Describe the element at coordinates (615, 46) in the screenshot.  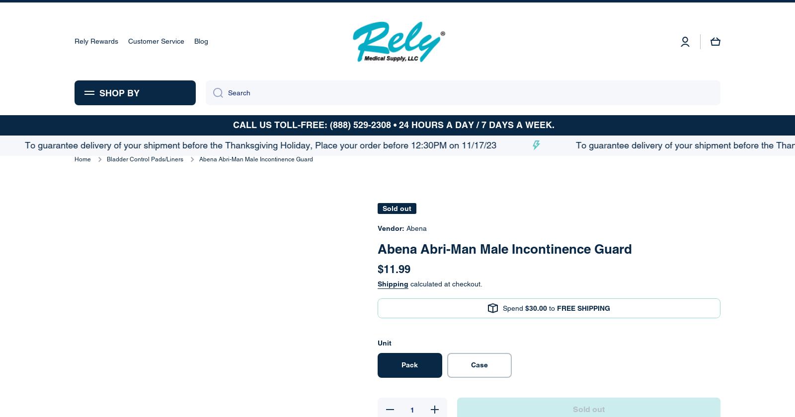
I see `'Same Day Shipping'` at that location.